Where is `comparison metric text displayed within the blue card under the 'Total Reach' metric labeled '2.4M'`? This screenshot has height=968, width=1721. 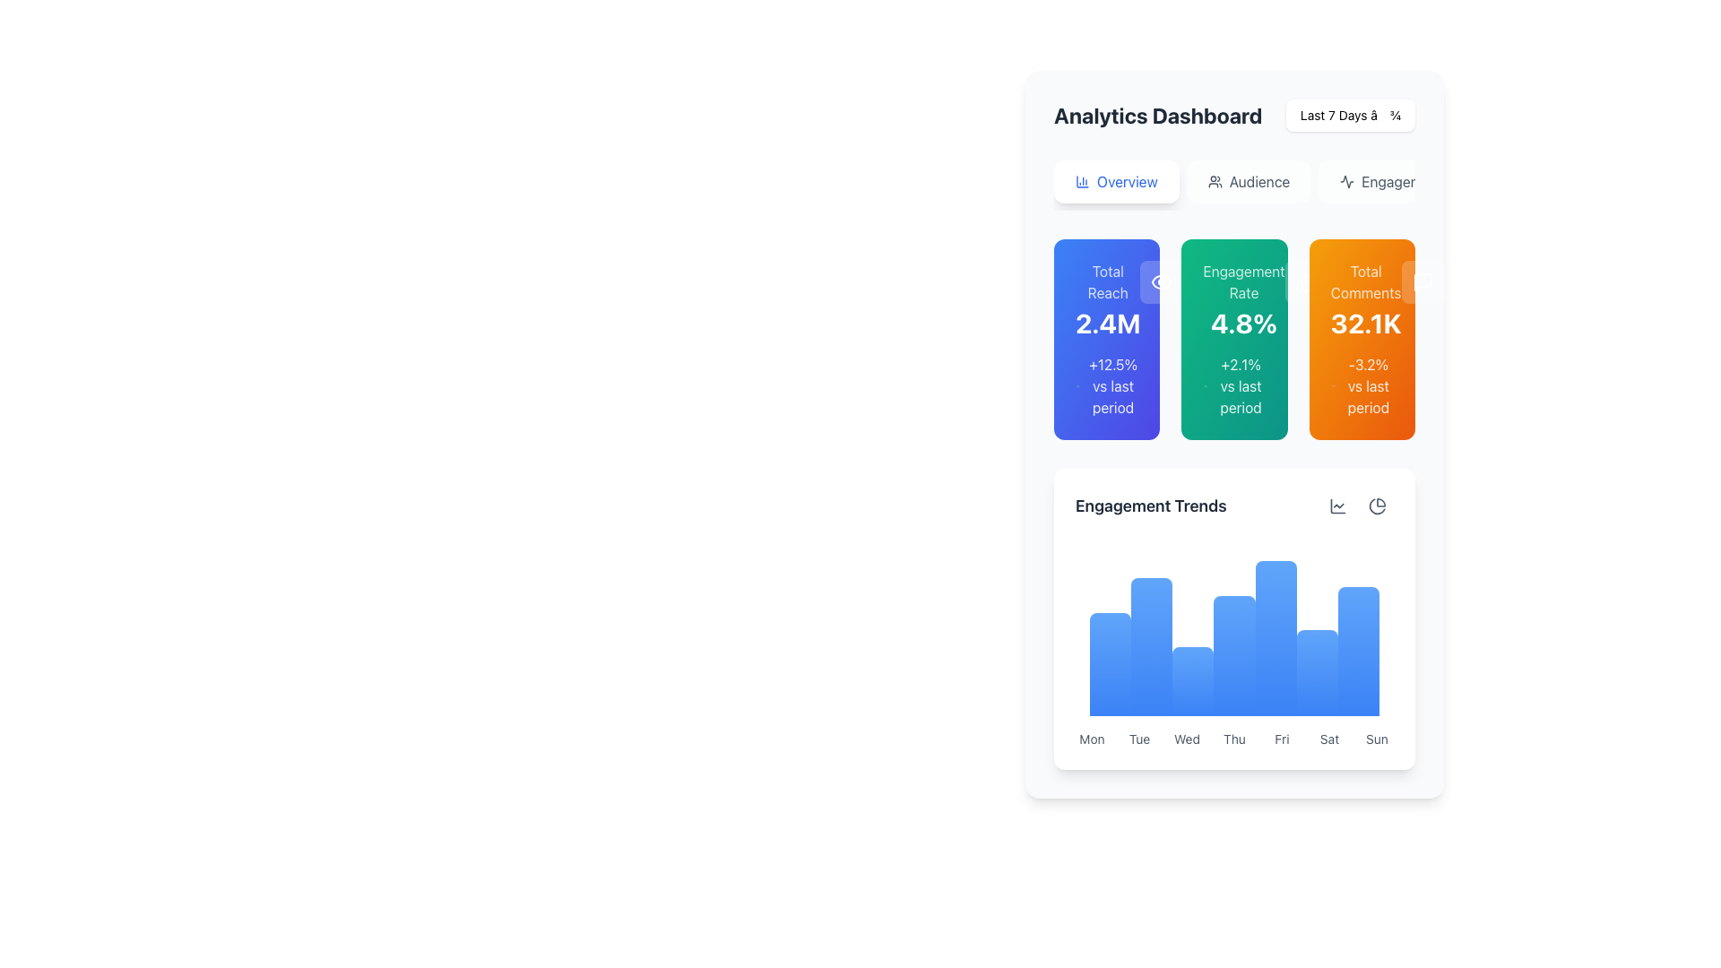 comparison metric text displayed within the blue card under the 'Total Reach' metric labeled '2.4M' is located at coordinates (1106, 385).